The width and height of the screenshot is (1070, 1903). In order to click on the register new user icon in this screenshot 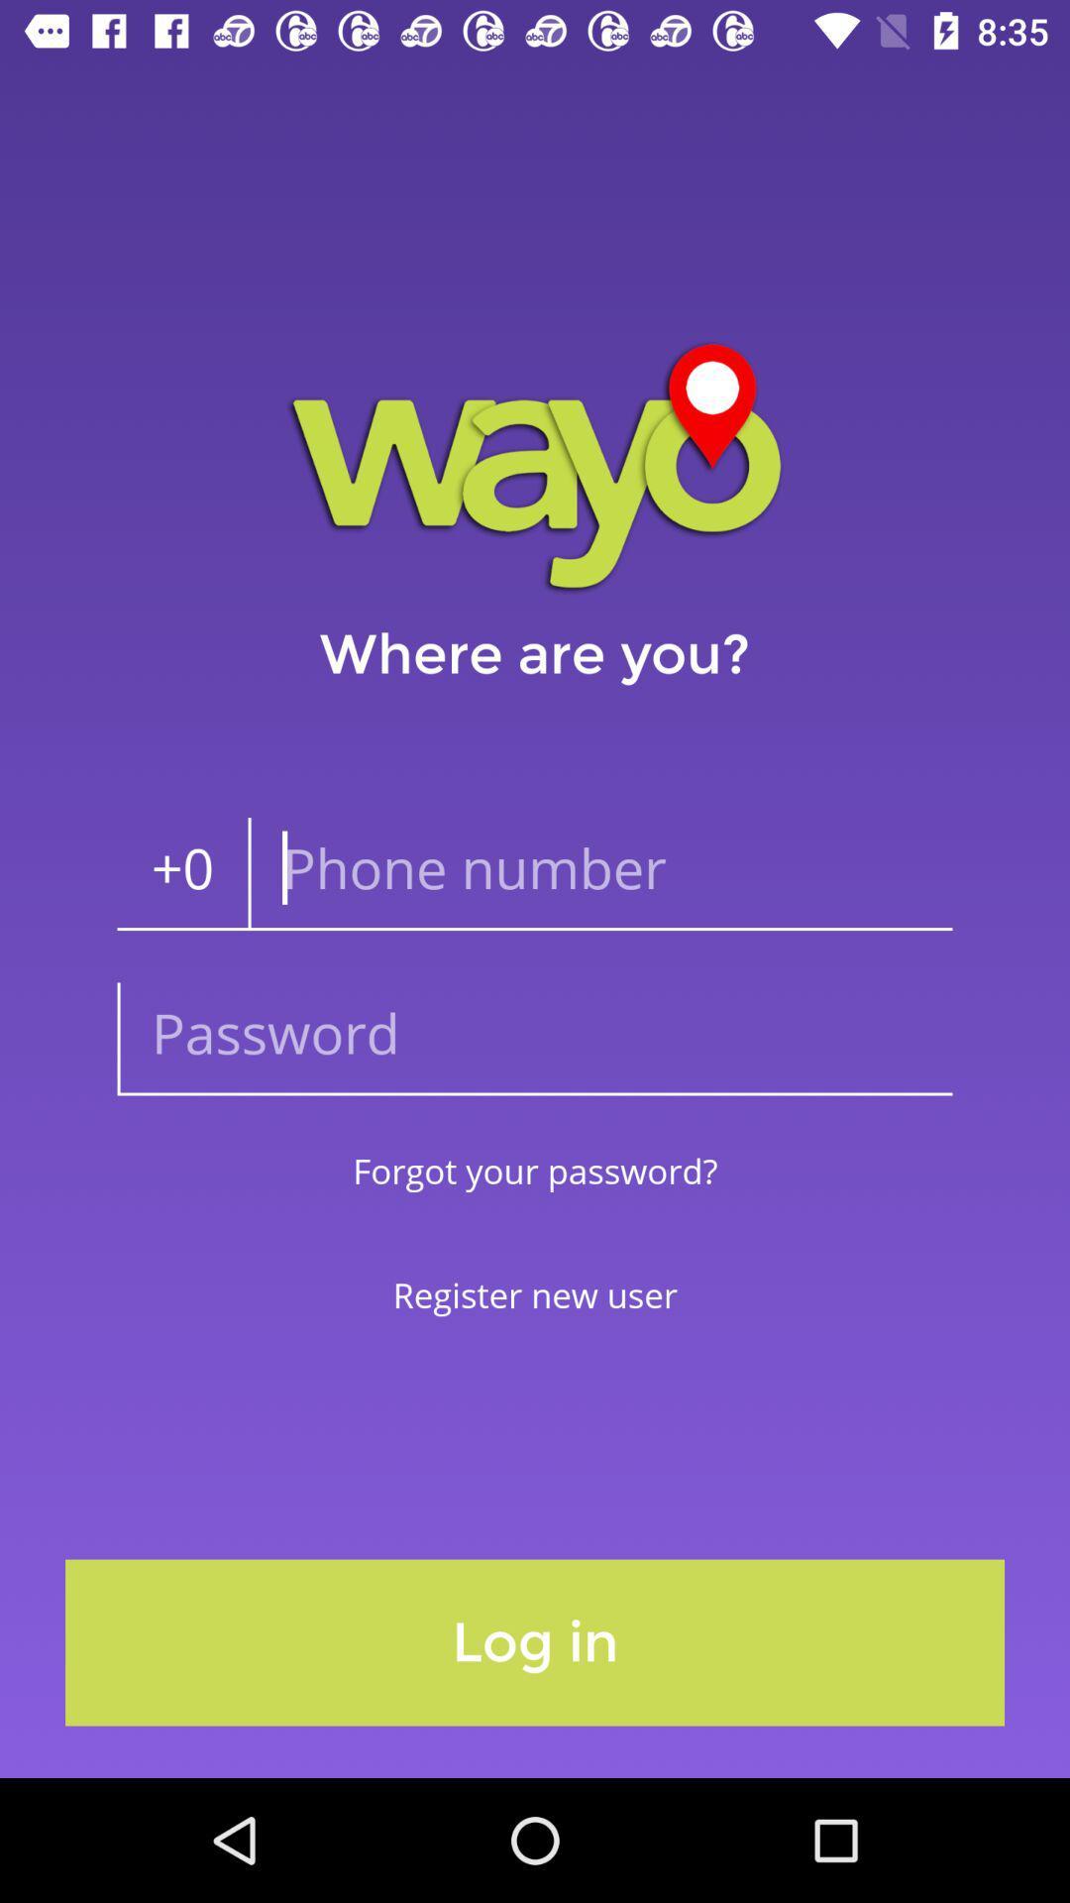, I will do `click(535, 1294)`.